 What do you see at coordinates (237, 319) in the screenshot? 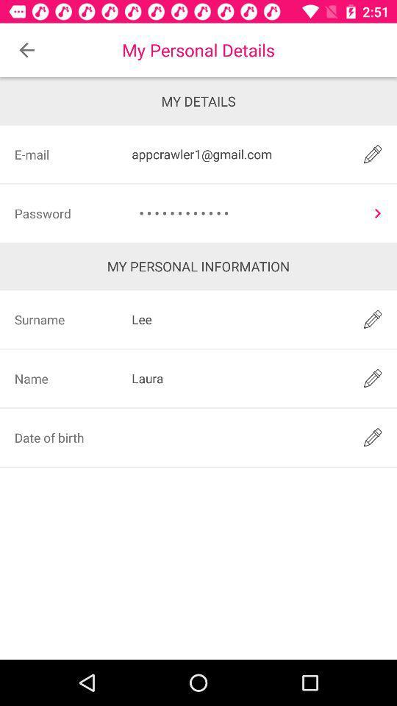
I see `icon below the my personal information` at bounding box center [237, 319].